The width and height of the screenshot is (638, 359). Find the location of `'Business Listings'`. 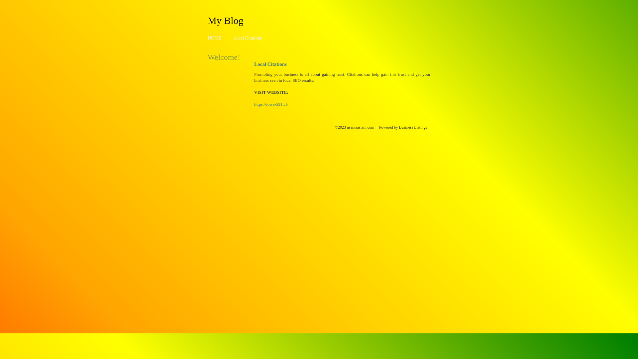

'Business Listings' is located at coordinates (413, 127).